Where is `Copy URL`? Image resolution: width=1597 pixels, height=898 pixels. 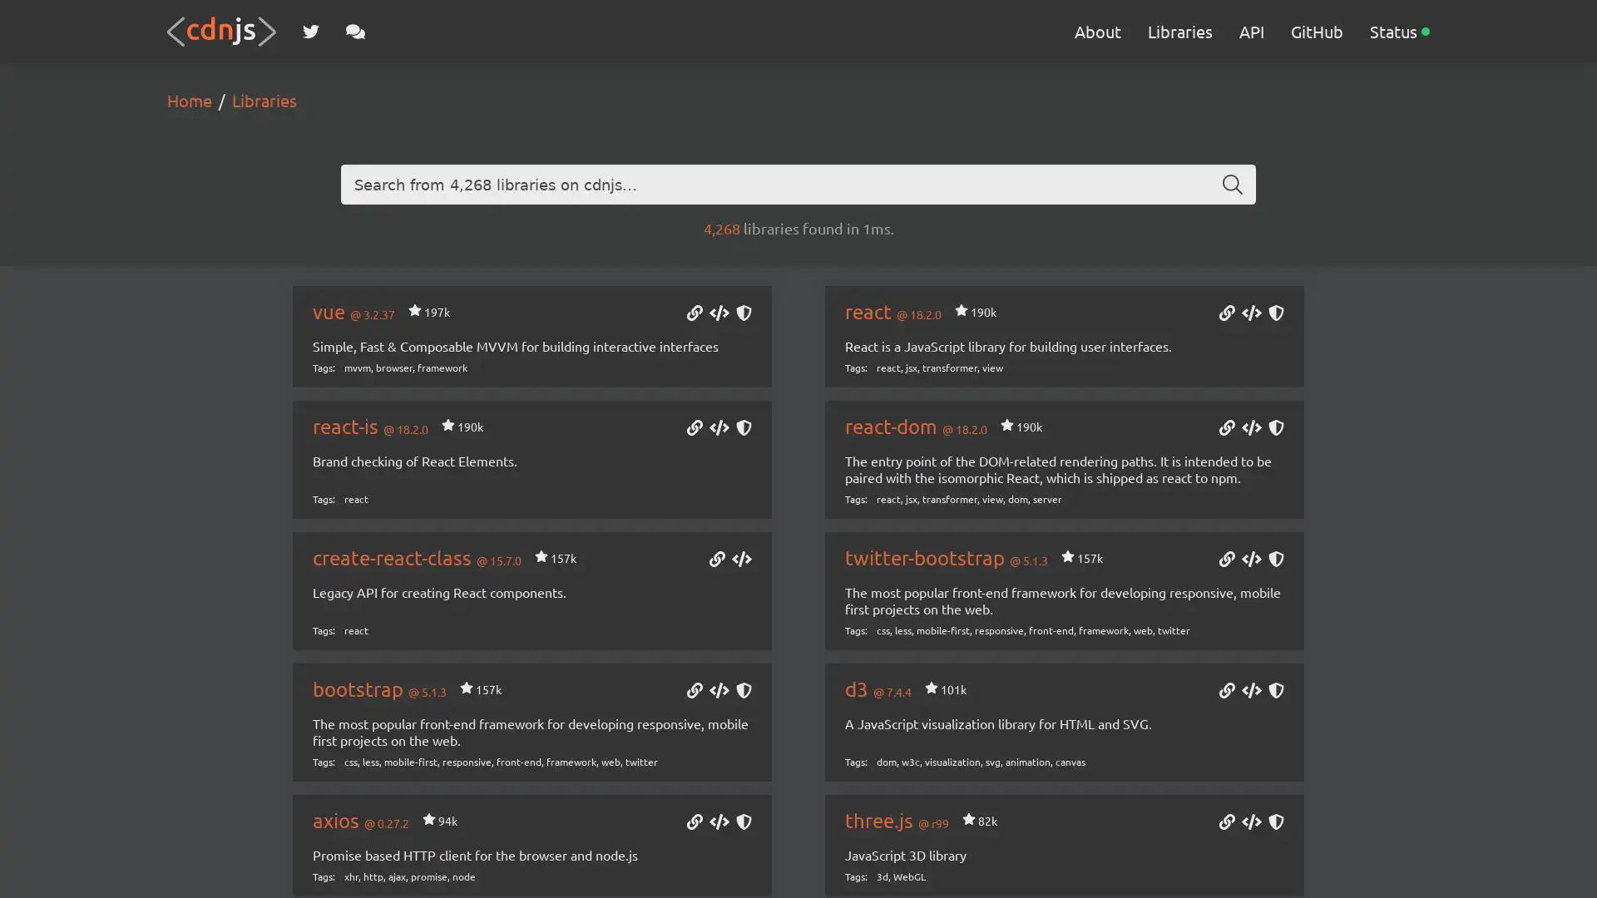 Copy URL is located at coordinates (717, 560).